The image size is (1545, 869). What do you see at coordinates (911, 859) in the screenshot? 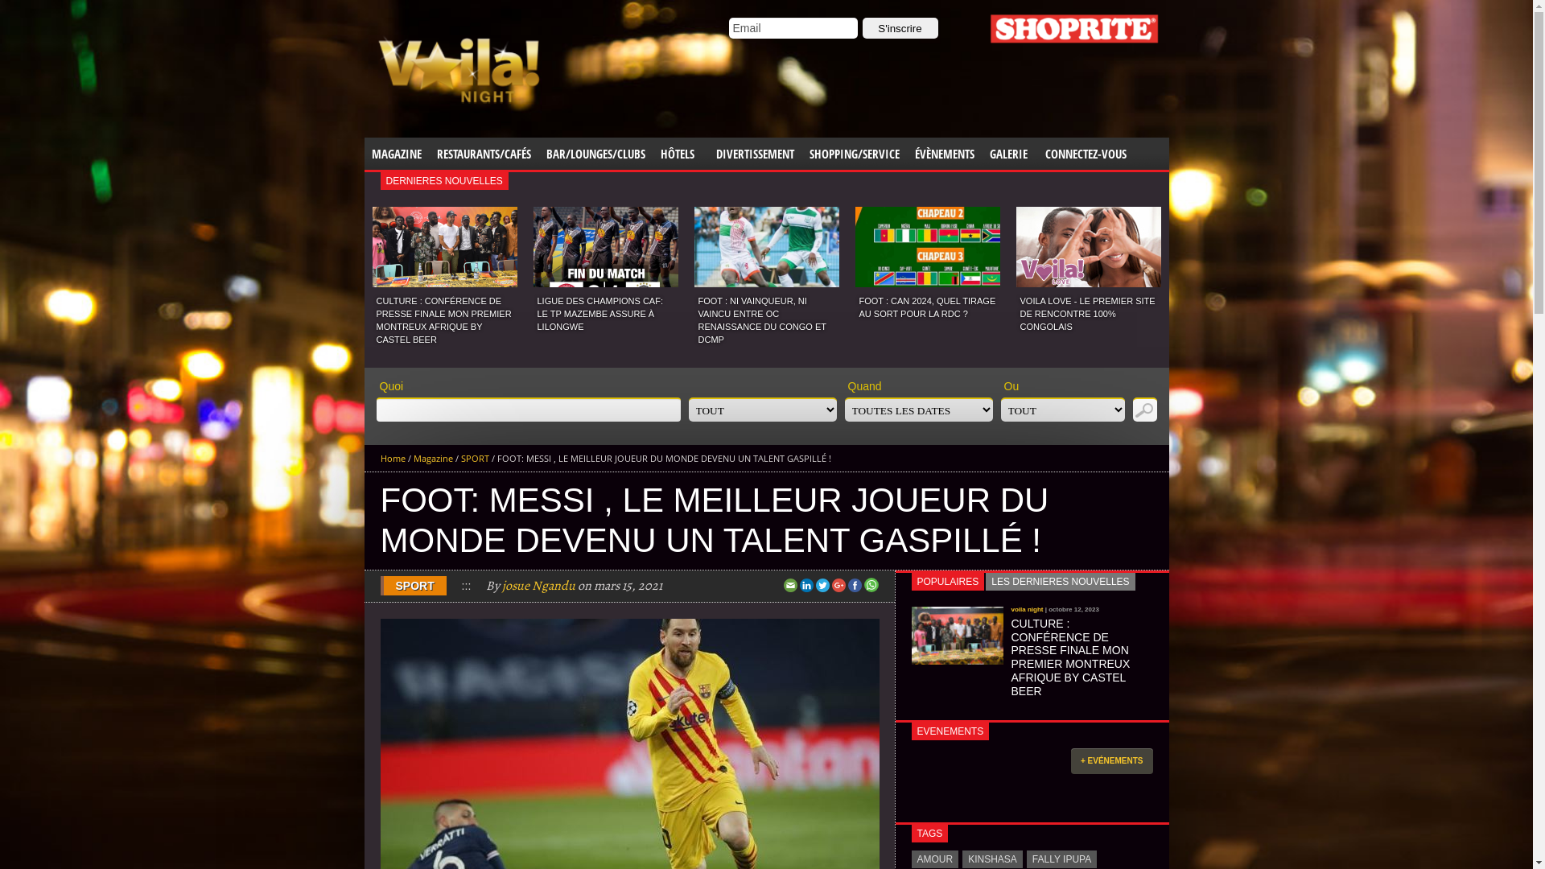
I see `'AMOUR'` at bounding box center [911, 859].